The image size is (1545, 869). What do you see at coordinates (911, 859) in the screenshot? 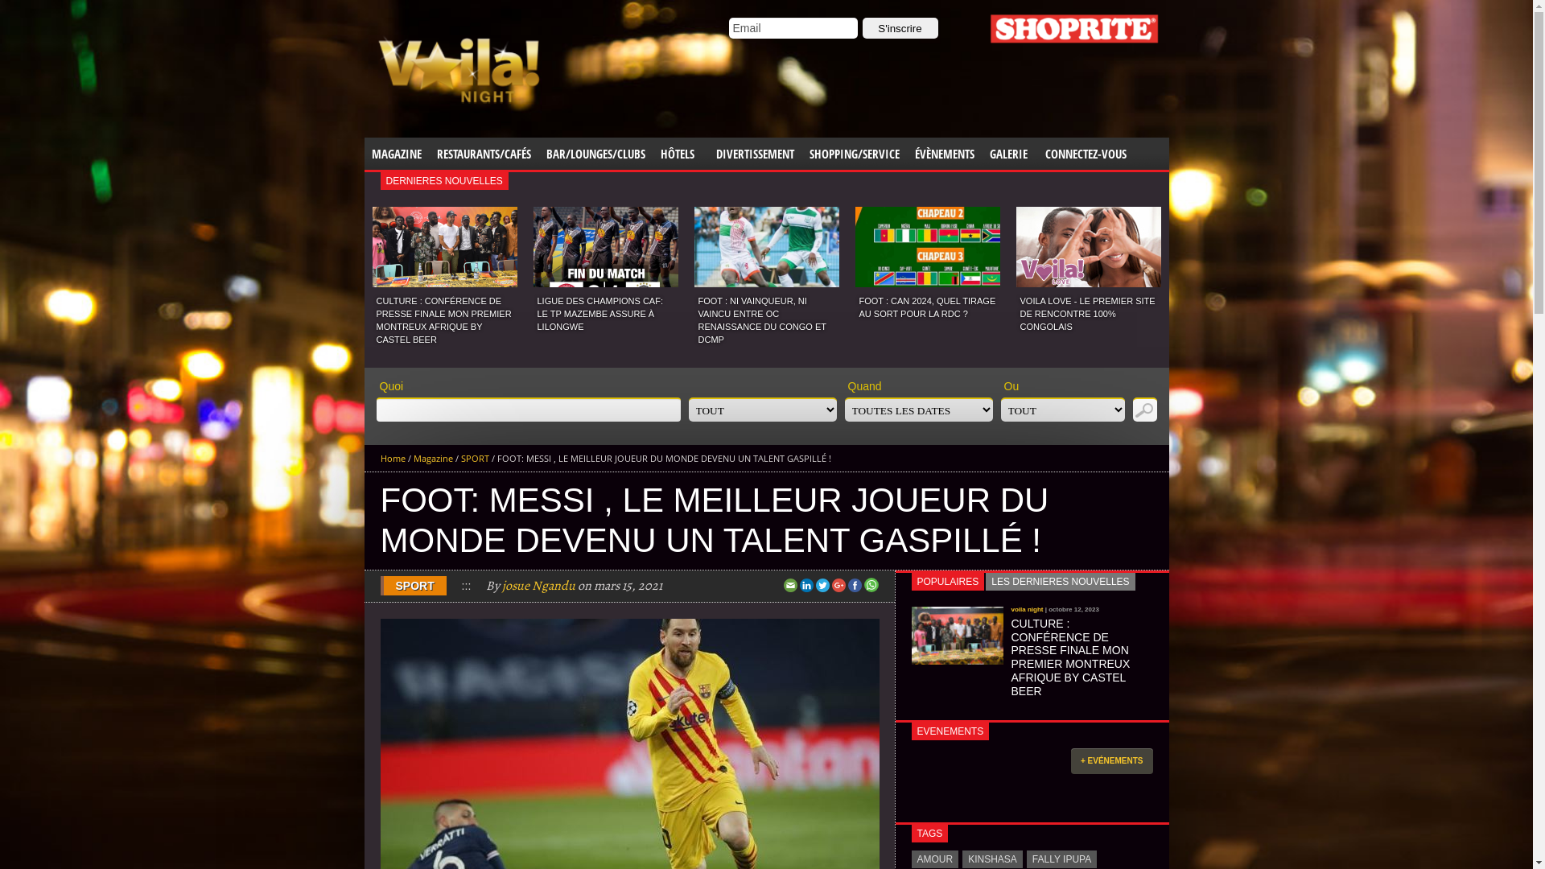
I see `'AMOUR'` at bounding box center [911, 859].